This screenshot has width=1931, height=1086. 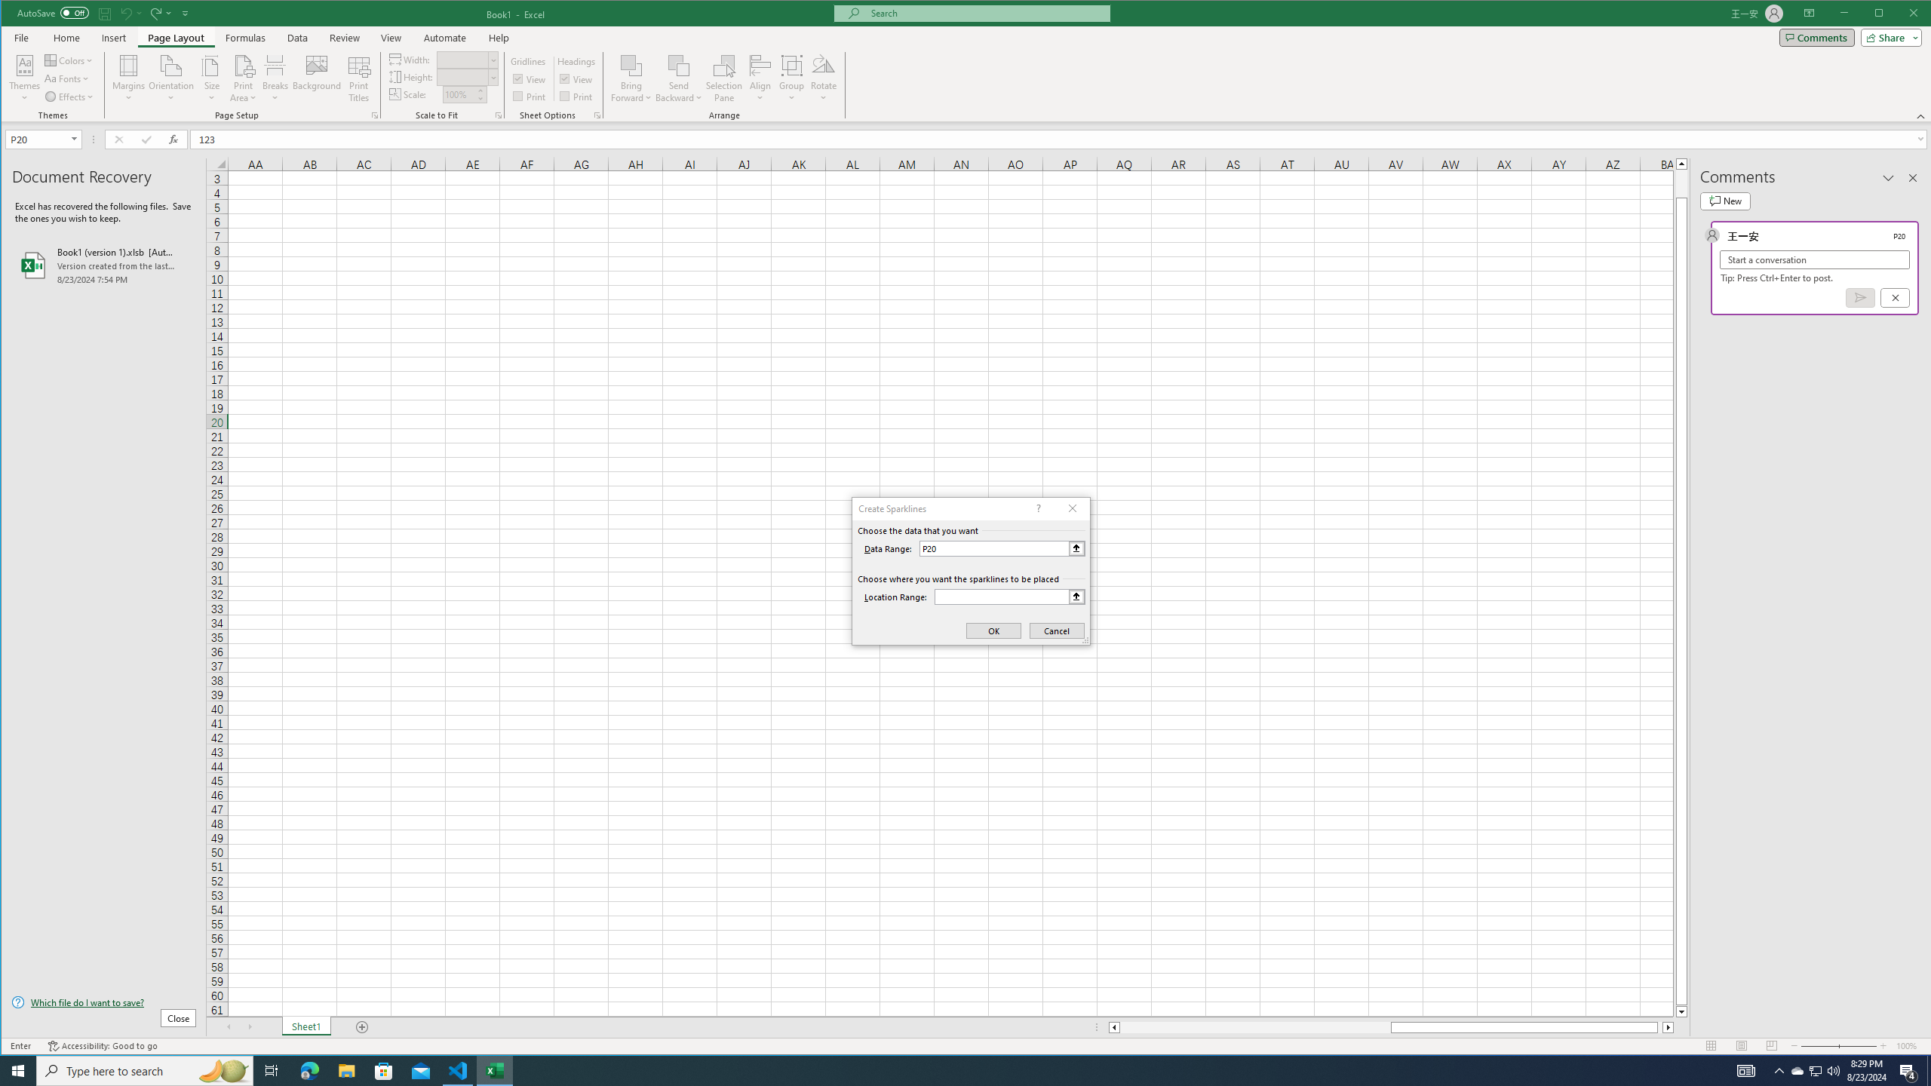 What do you see at coordinates (274, 78) in the screenshot?
I see `'Breaks'` at bounding box center [274, 78].